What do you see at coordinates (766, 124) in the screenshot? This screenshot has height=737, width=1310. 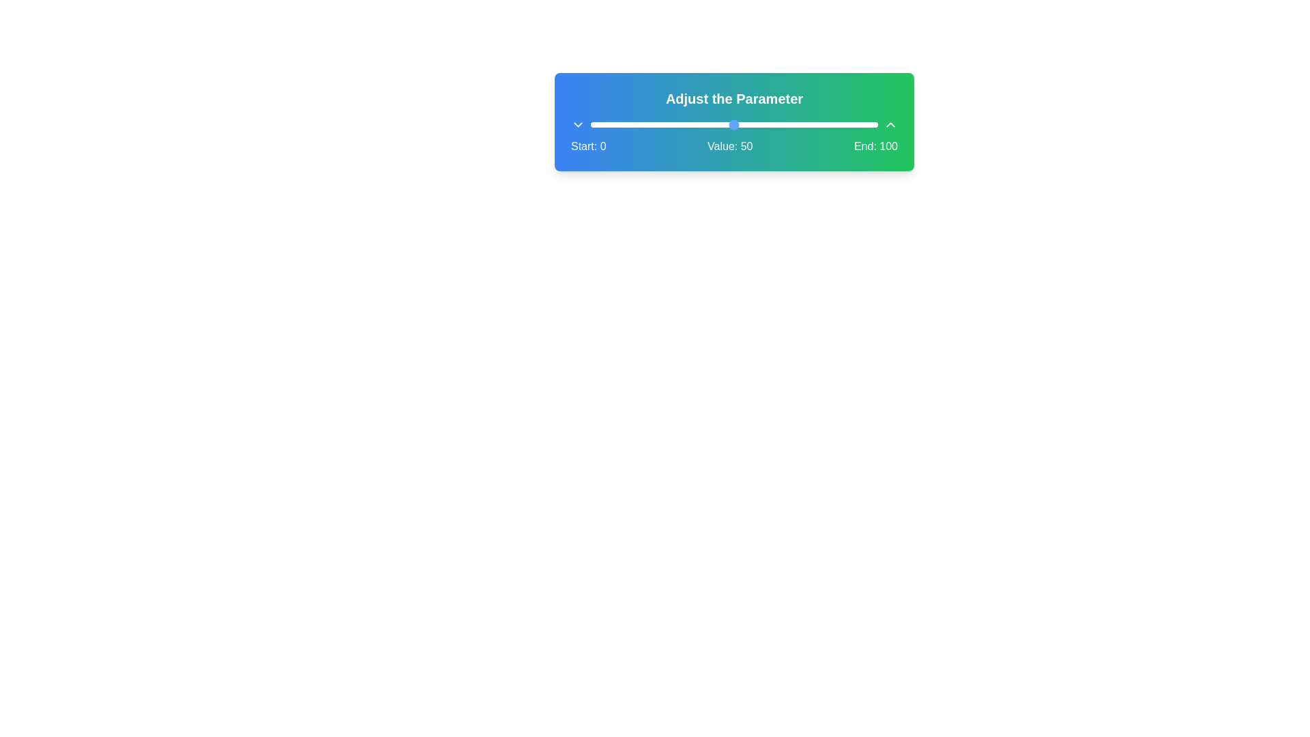 I see `the slider` at bounding box center [766, 124].